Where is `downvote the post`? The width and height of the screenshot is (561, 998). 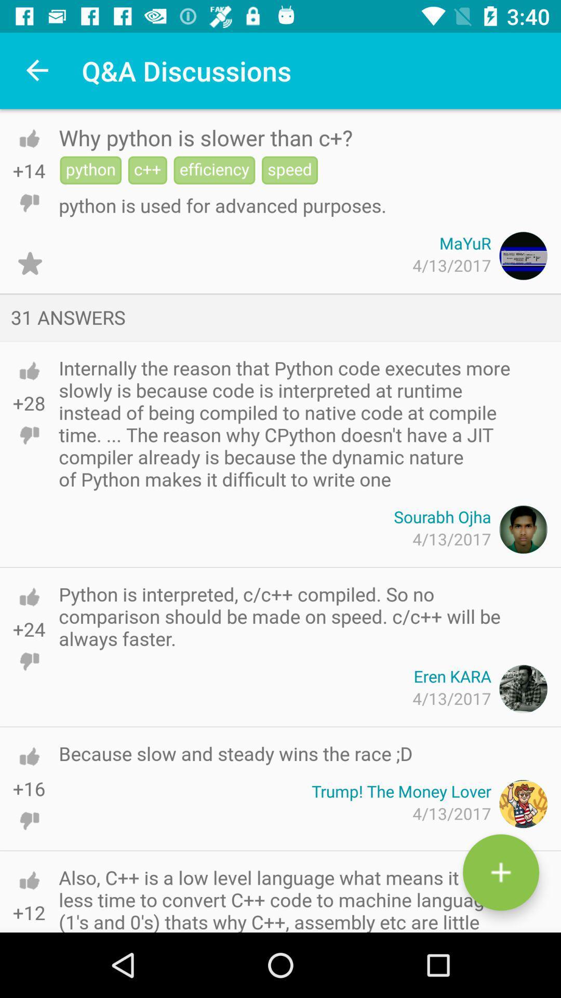 downvote the post is located at coordinates (29, 924).